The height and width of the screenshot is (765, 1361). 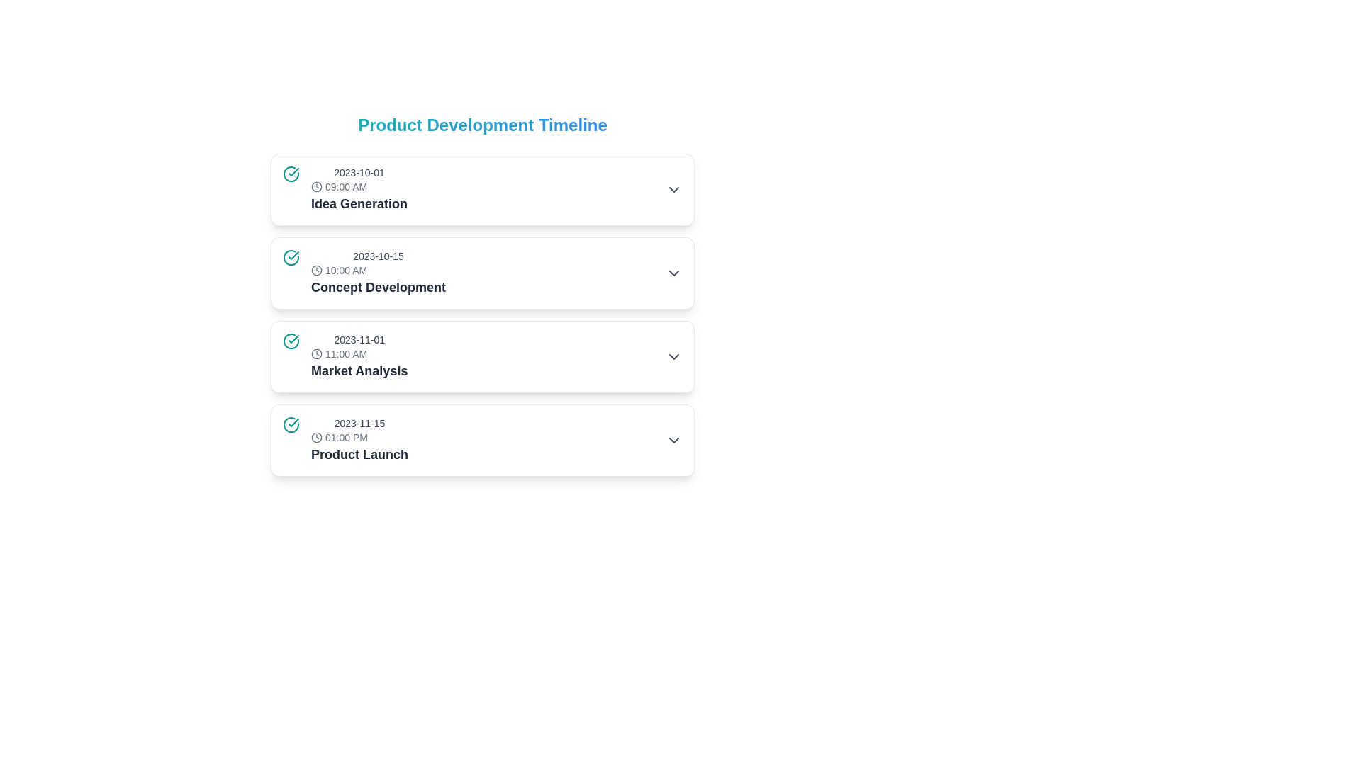 I want to click on the text label that serves as the title for the task 'Idea Generation', located below the time and date in the first task section of the timeline interface, so click(x=359, y=204).